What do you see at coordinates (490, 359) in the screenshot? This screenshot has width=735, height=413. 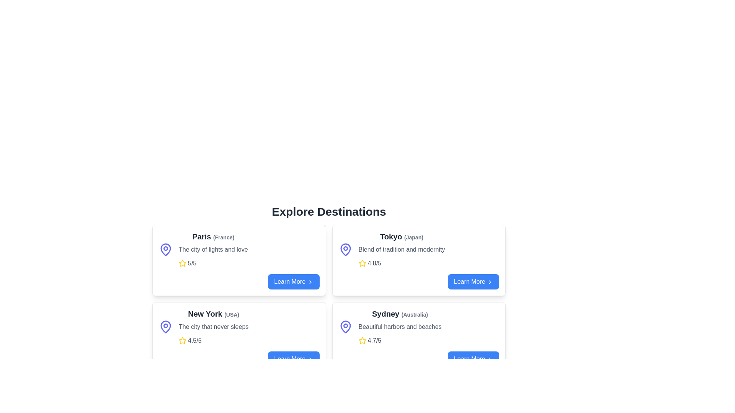 I see `the rightward-pointing chevron icon inside the 'Learn More' button on the 'Sydney' destination card, located in the bottom-right area of the grid layout` at bounding box center [490, 359].